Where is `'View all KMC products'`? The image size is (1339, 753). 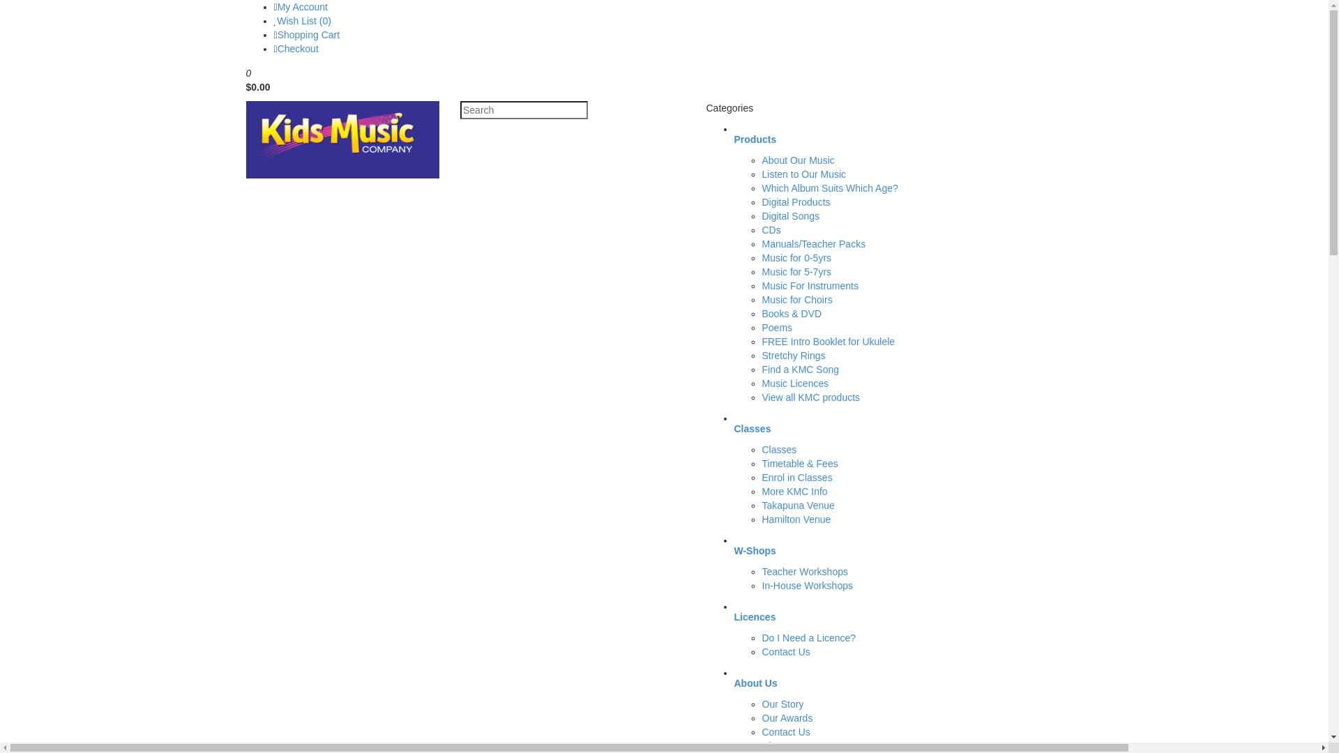
'View all KMC products' is located at coordinates (810, 397).